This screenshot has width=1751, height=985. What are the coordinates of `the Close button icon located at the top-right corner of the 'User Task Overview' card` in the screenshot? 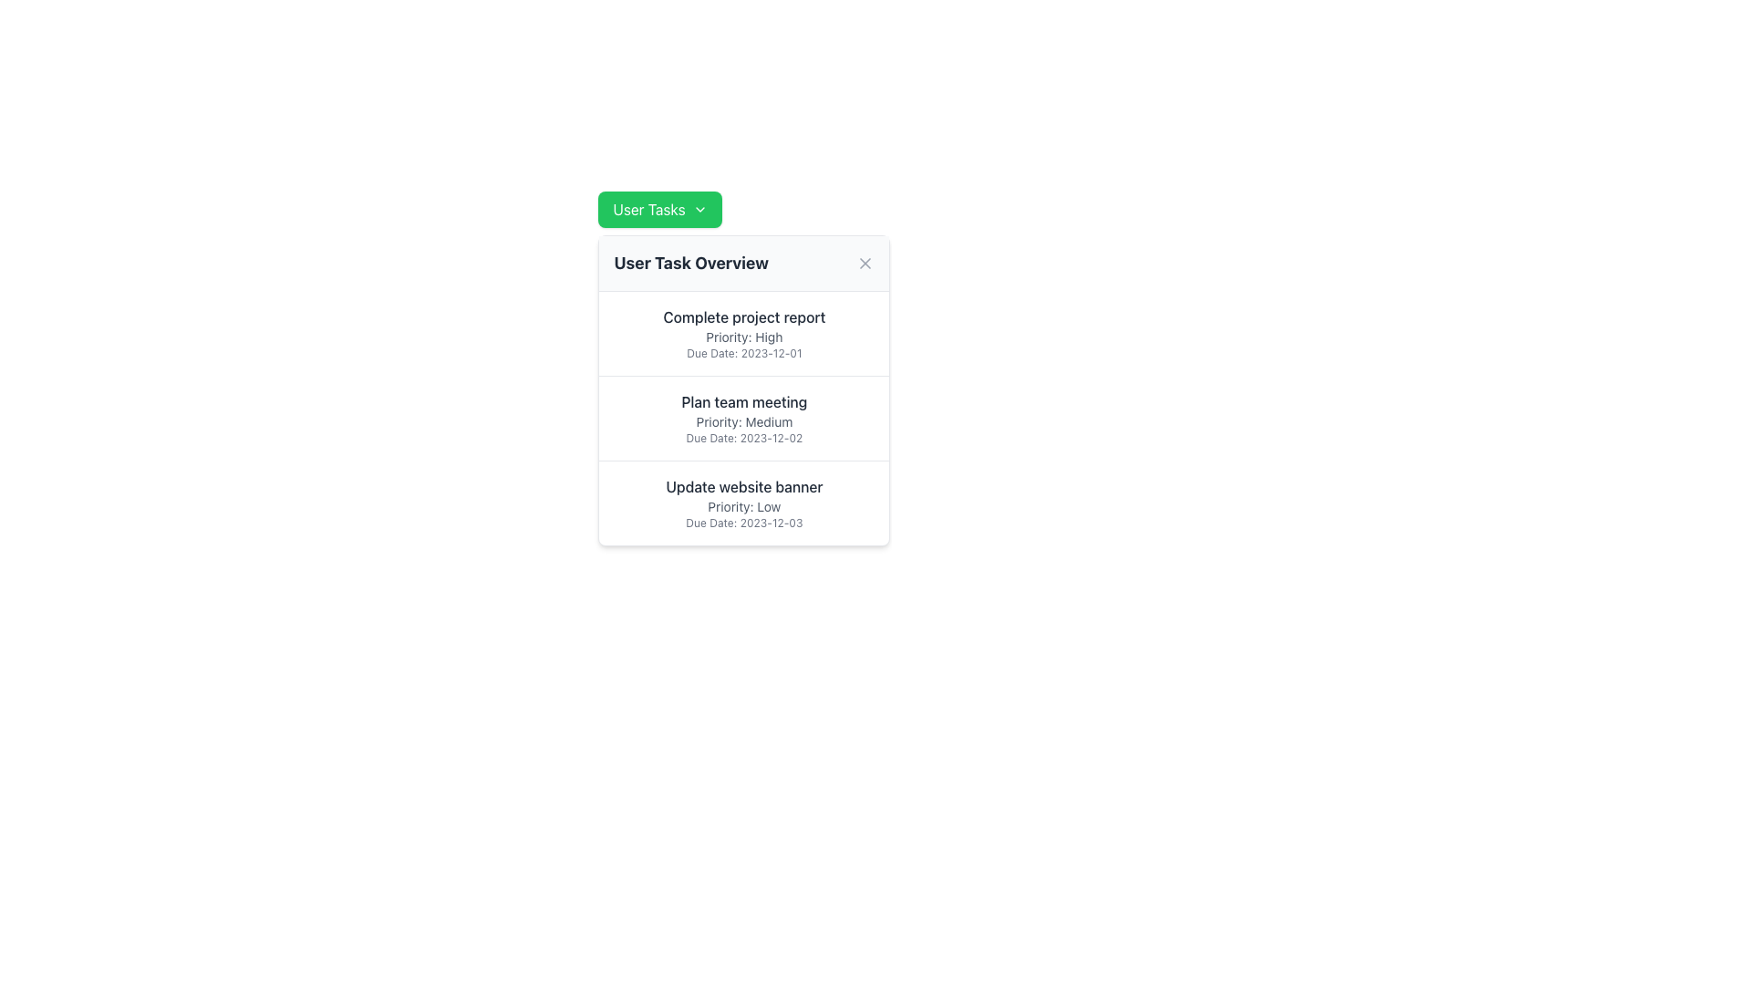 It's located at (865, 264).